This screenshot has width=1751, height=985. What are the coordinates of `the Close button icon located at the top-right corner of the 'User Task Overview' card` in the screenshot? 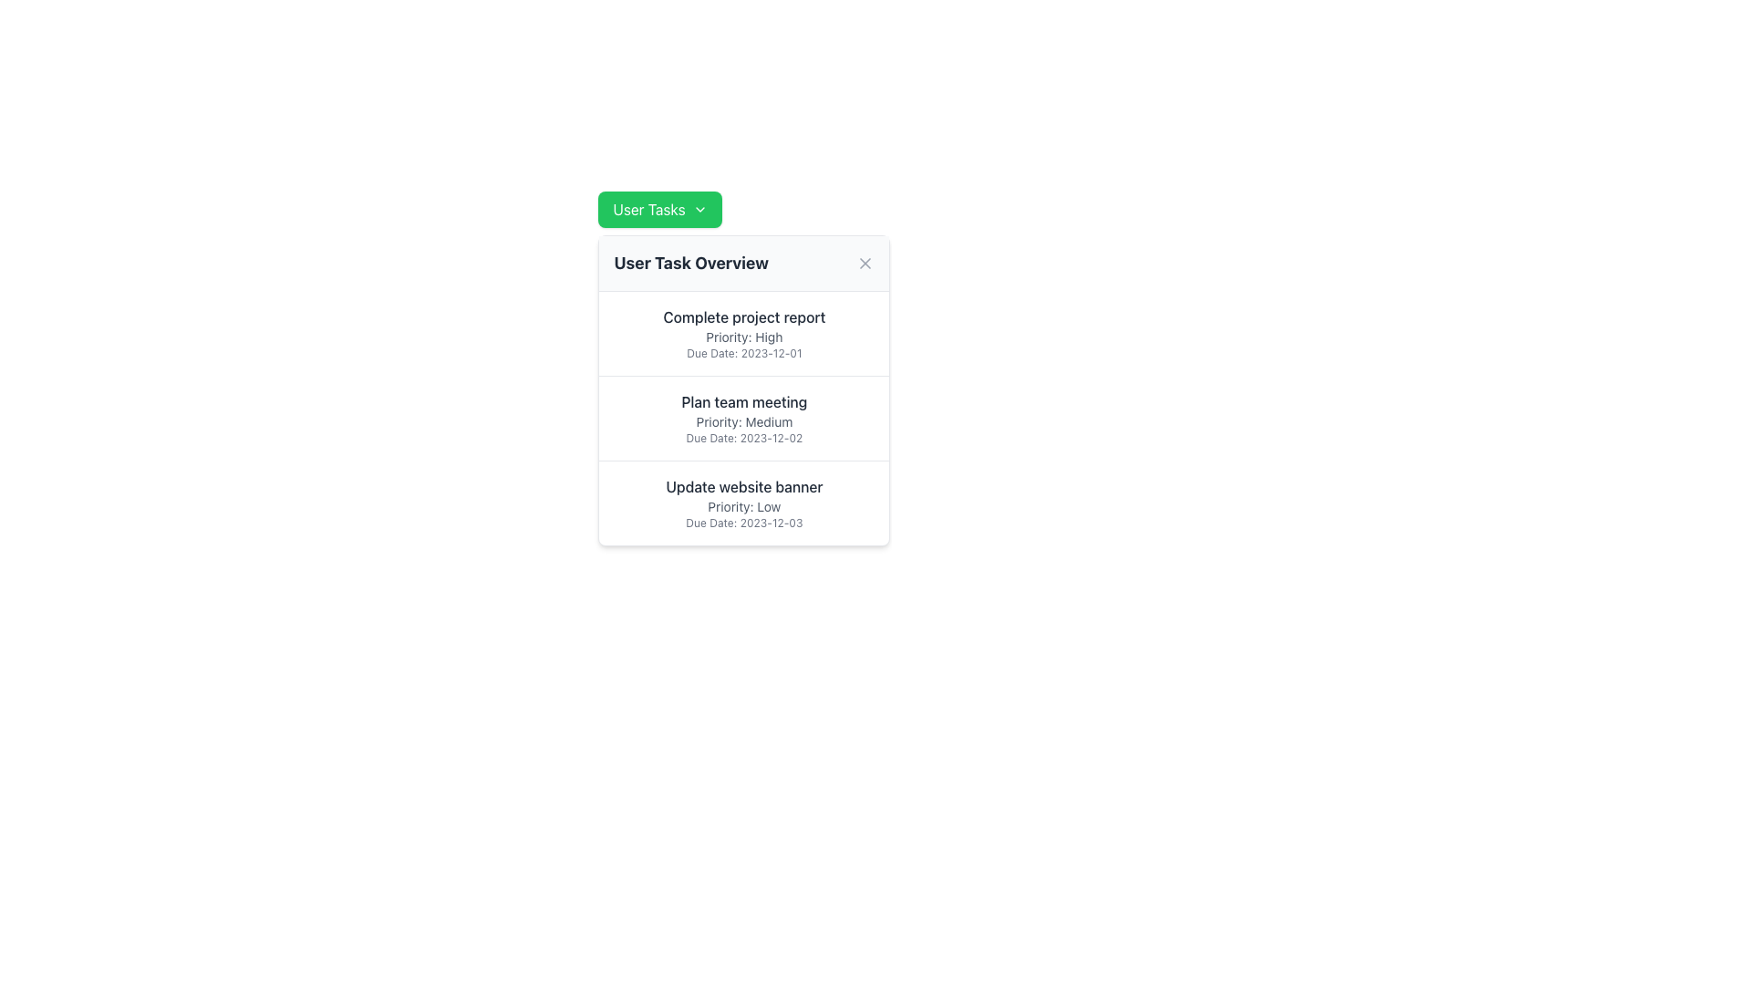 It's located at (865, 264).